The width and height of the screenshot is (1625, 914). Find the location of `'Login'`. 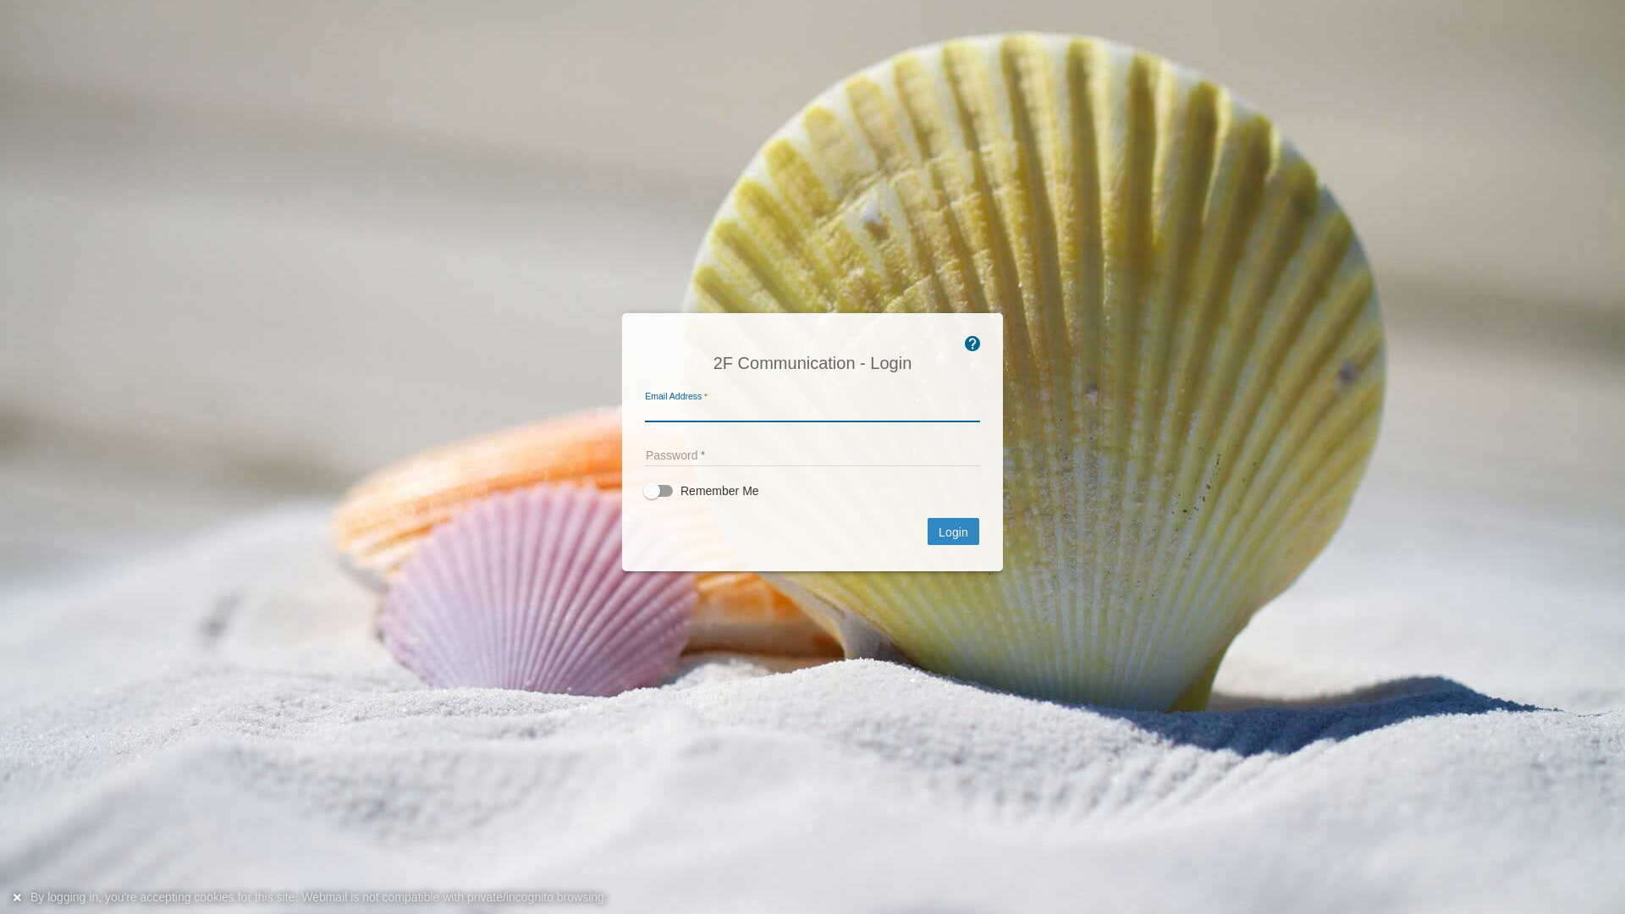

'Login' is located at coordinates (953, 531).